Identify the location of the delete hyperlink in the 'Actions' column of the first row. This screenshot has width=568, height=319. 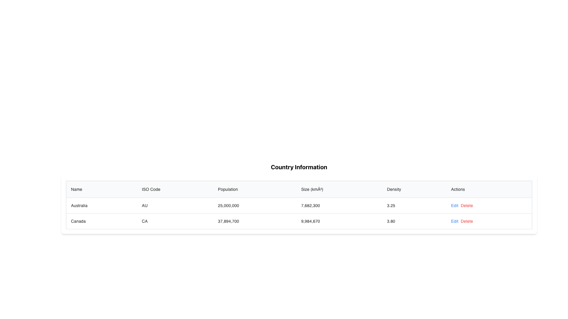
(467, 205).